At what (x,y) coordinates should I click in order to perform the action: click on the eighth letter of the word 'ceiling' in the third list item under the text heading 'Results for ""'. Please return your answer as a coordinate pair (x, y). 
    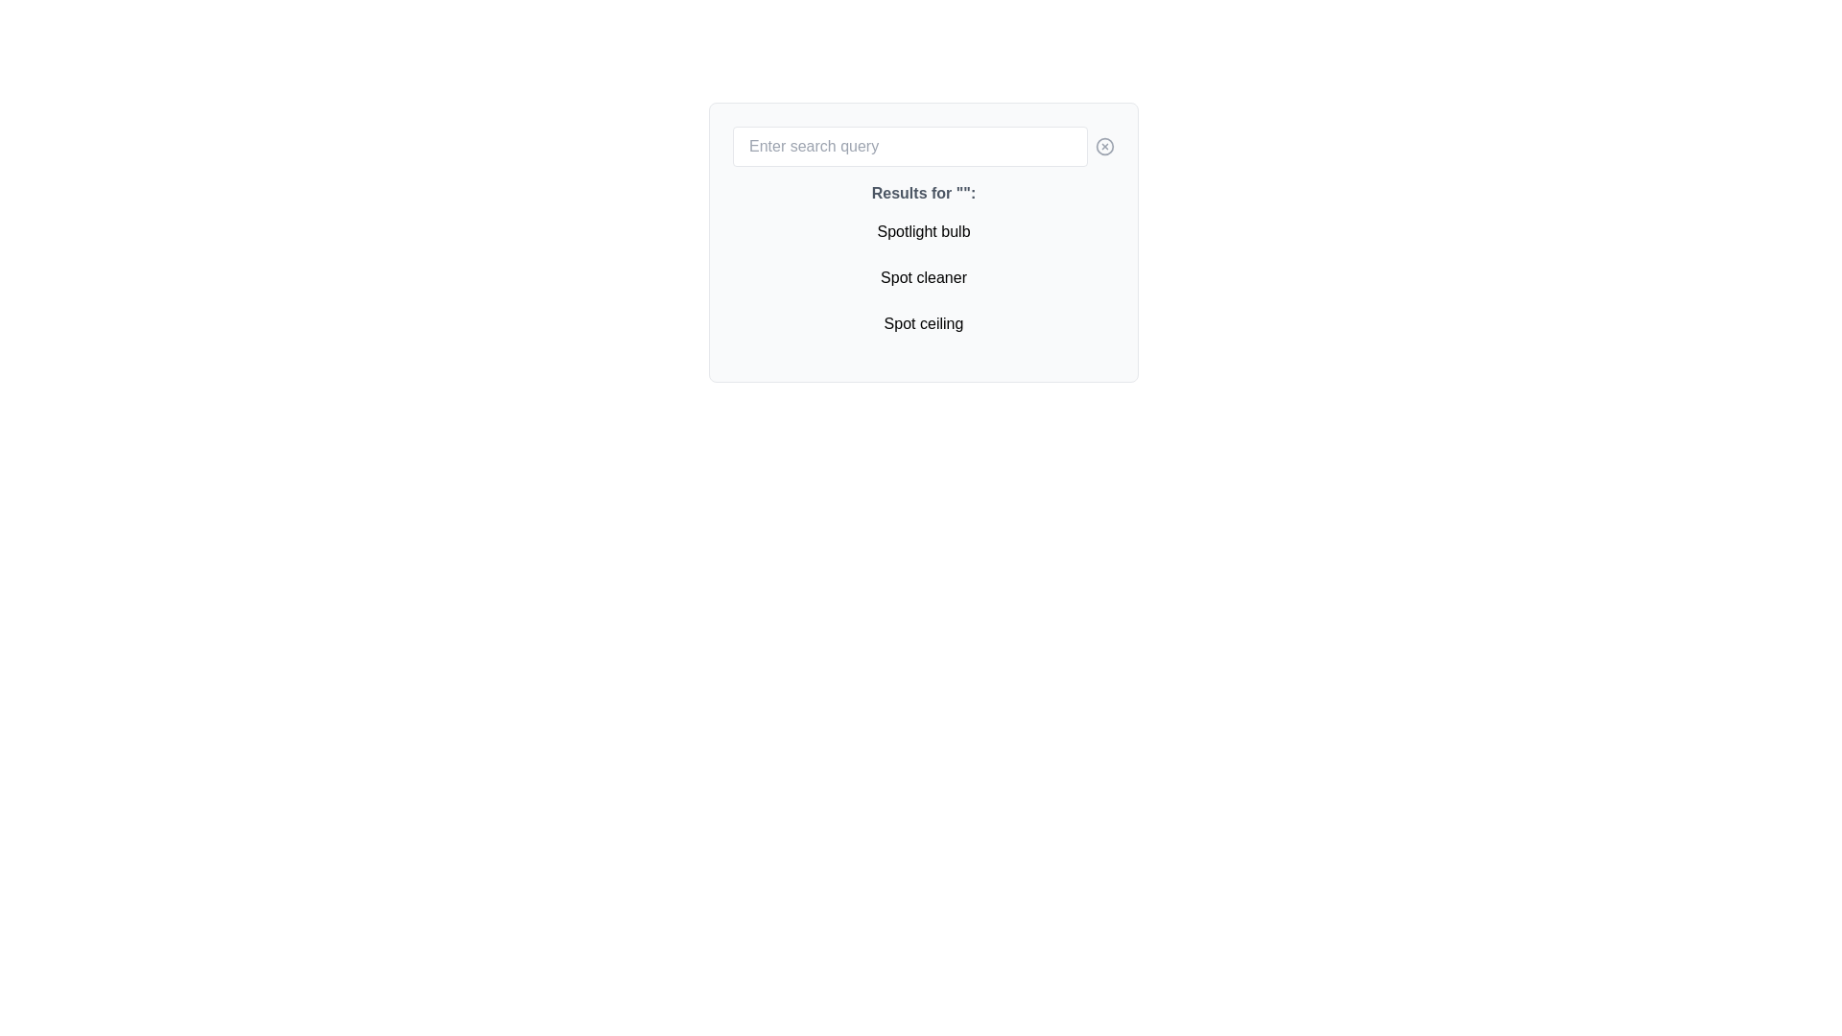
    Looking at the image, I should click on (941, 322).